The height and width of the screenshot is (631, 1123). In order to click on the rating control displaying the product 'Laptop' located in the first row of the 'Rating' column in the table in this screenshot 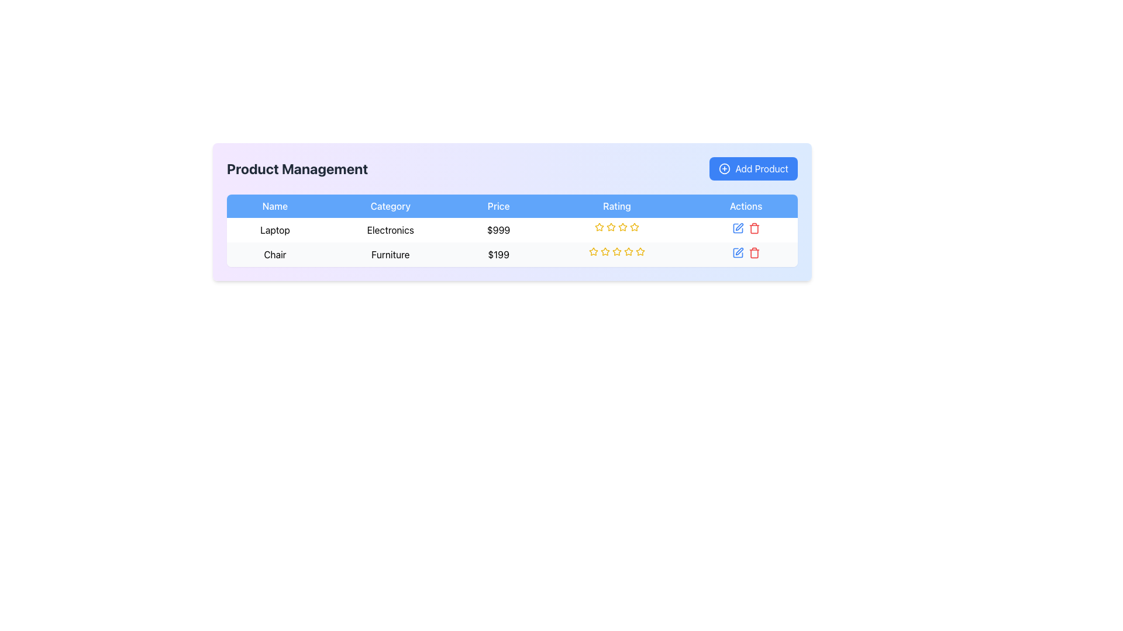, I will do `click(616, 227)`.